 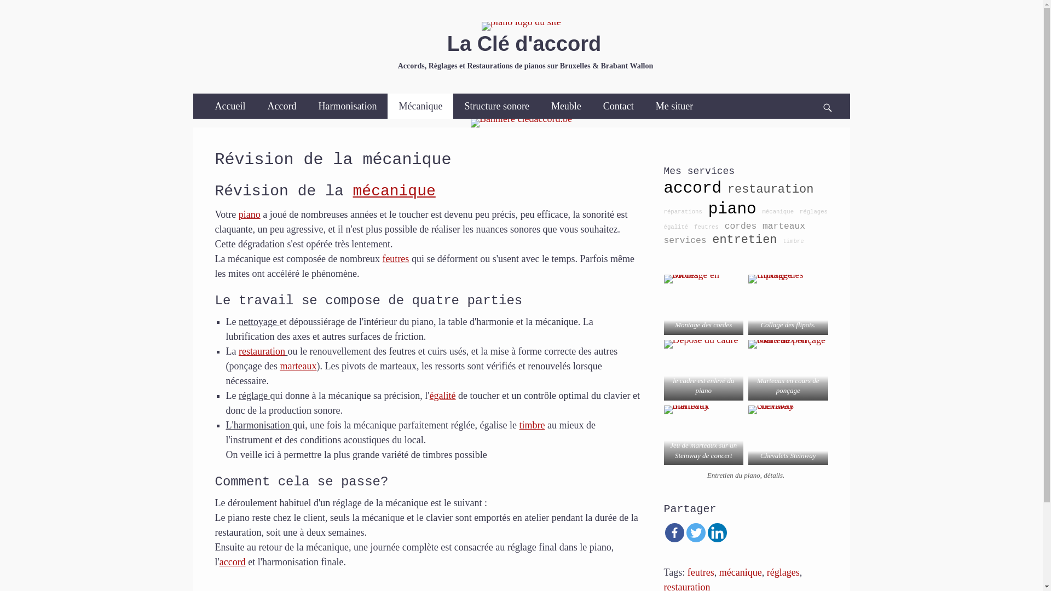 What do you see at coordinates (717, 532) in the screenshot?
I see `'Linkedin'` at bounding box center [717, 532].